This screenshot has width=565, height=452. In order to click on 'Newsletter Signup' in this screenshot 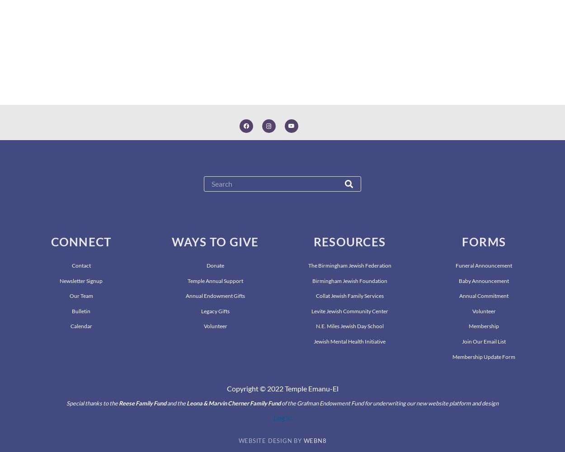, I will do `click(81, 280)`.